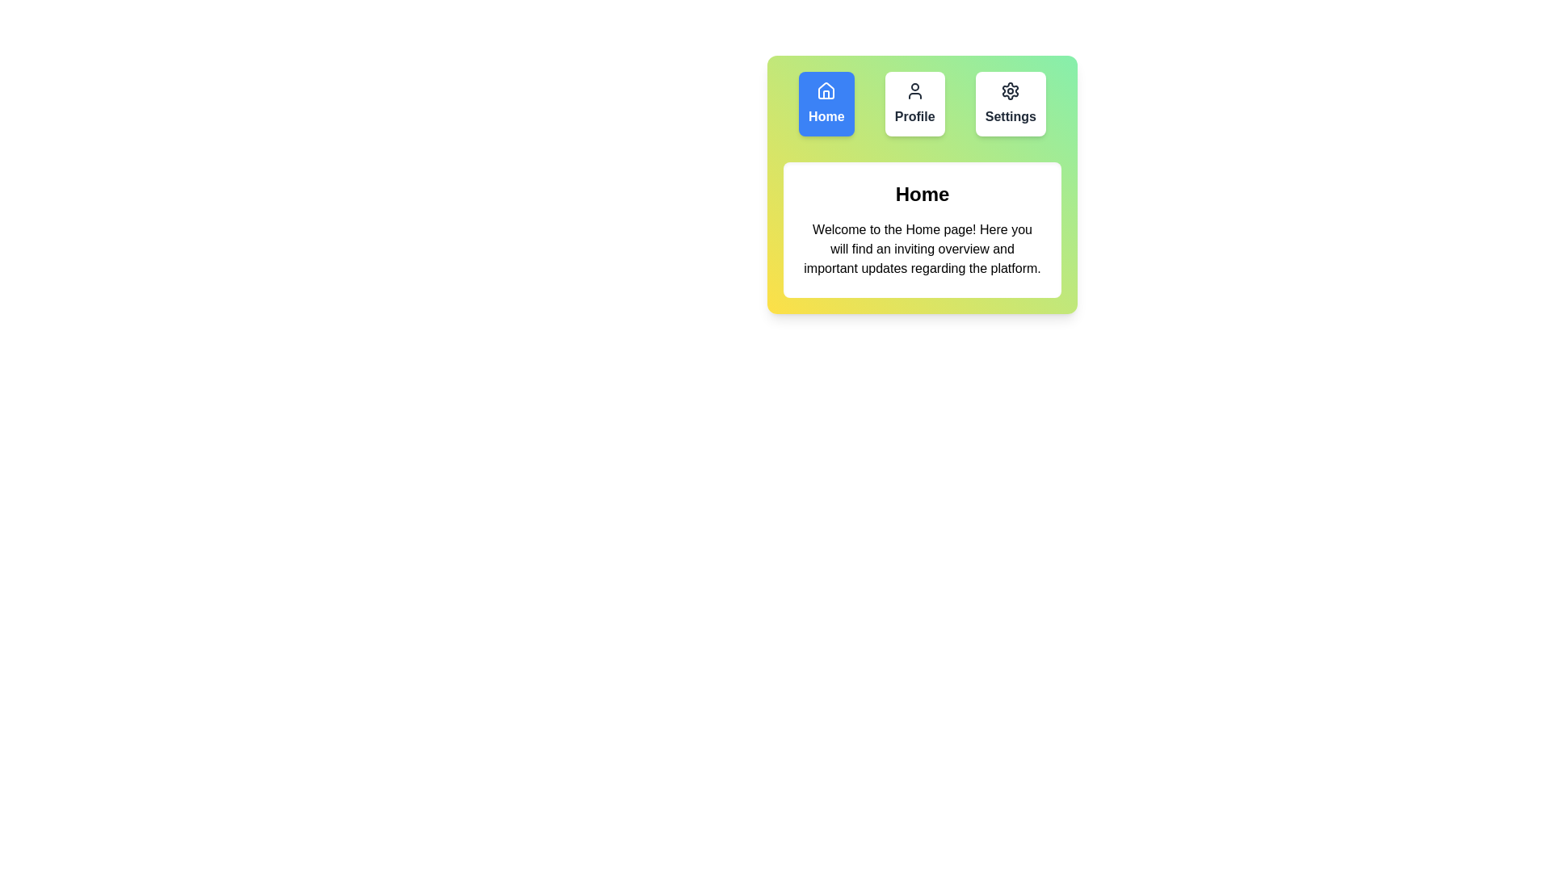 The image size is (1551, 872). I want to click on the Home button to observe its visual transition, so click(826, 103).